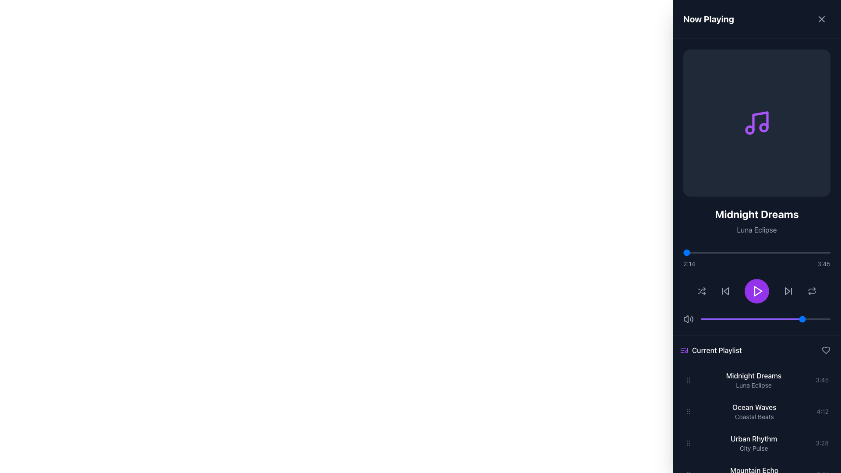 This screenshot has height=473, width=841. What do you see at coordinates (714, 319) in the screenshot?
I see `the slider` at bounding box center [714, 319].